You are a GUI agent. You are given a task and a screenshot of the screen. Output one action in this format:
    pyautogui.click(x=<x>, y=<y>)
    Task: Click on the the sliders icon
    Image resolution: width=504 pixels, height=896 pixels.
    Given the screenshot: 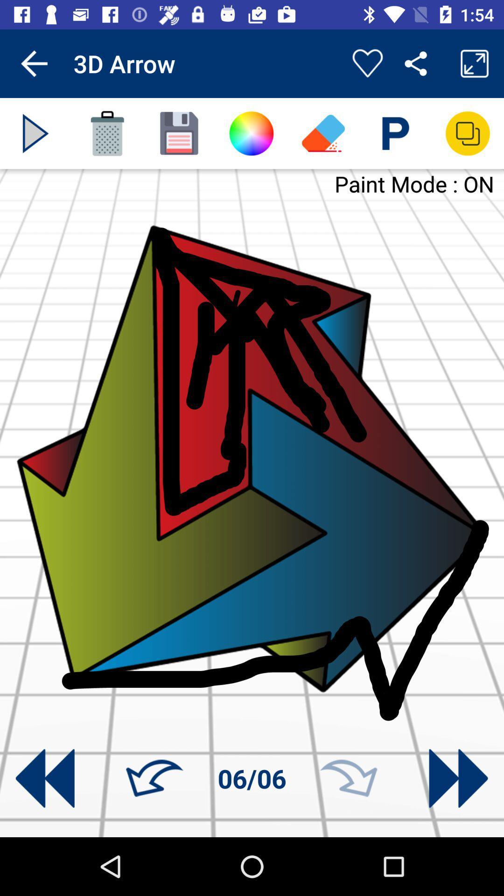 What is the action you would take?
    pyautogui.click(x=179, y=64)
    